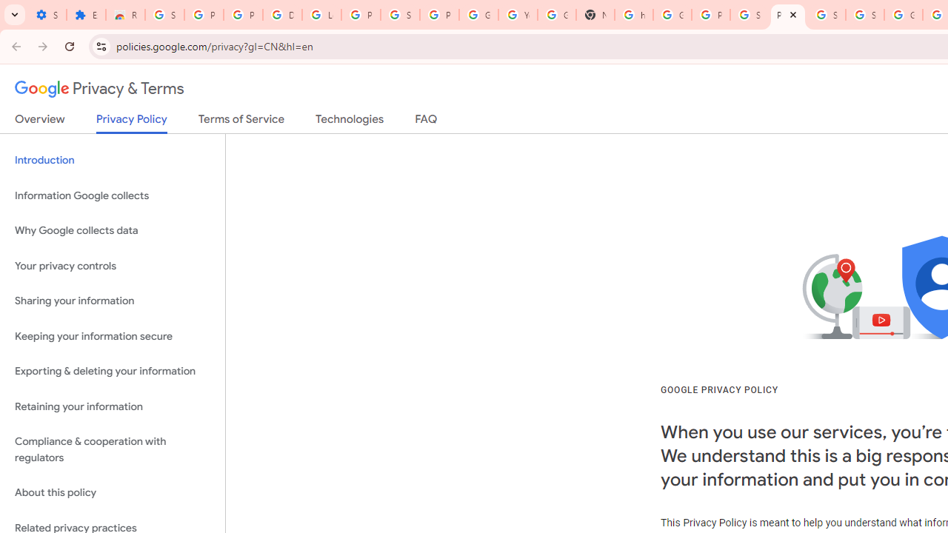 The height and width of the screenshot is (533, 948). What do you see at coordinates (633, 15) in the screenshot?
I see `'https://scholar.google.com/'` at bounding box center [633, 15].